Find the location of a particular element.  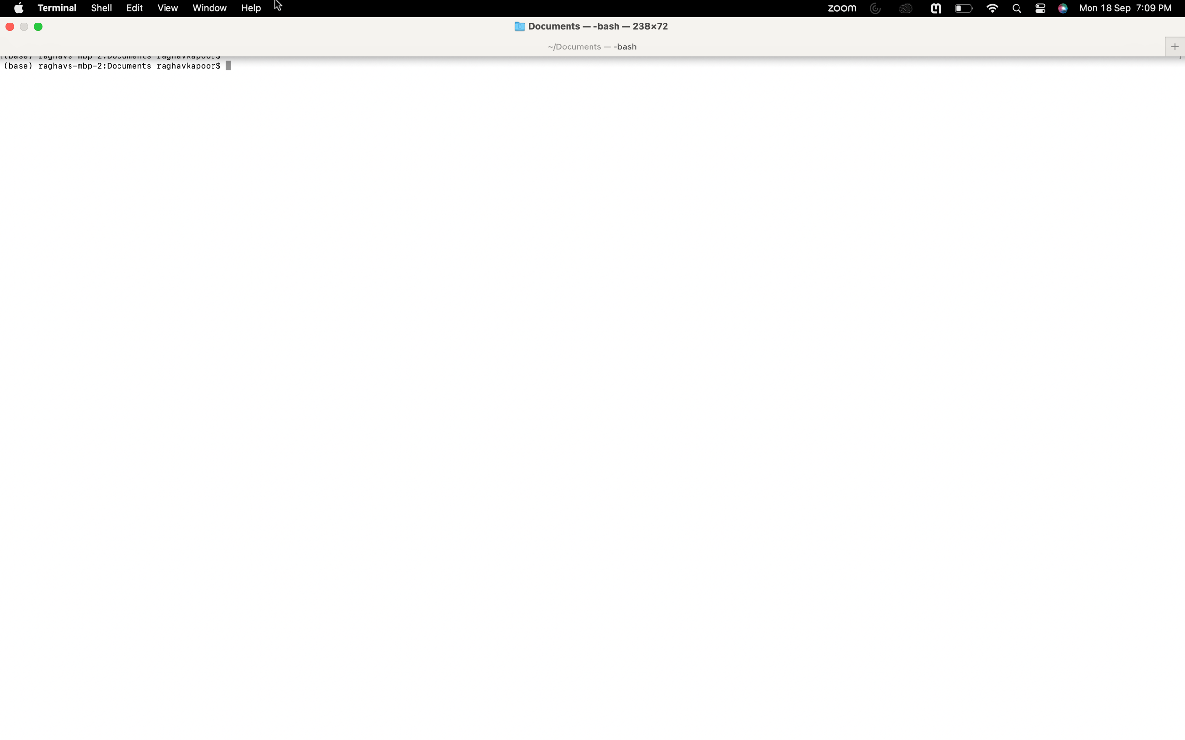

Activate a fresh terminal window is located at coordinates (58, 8).